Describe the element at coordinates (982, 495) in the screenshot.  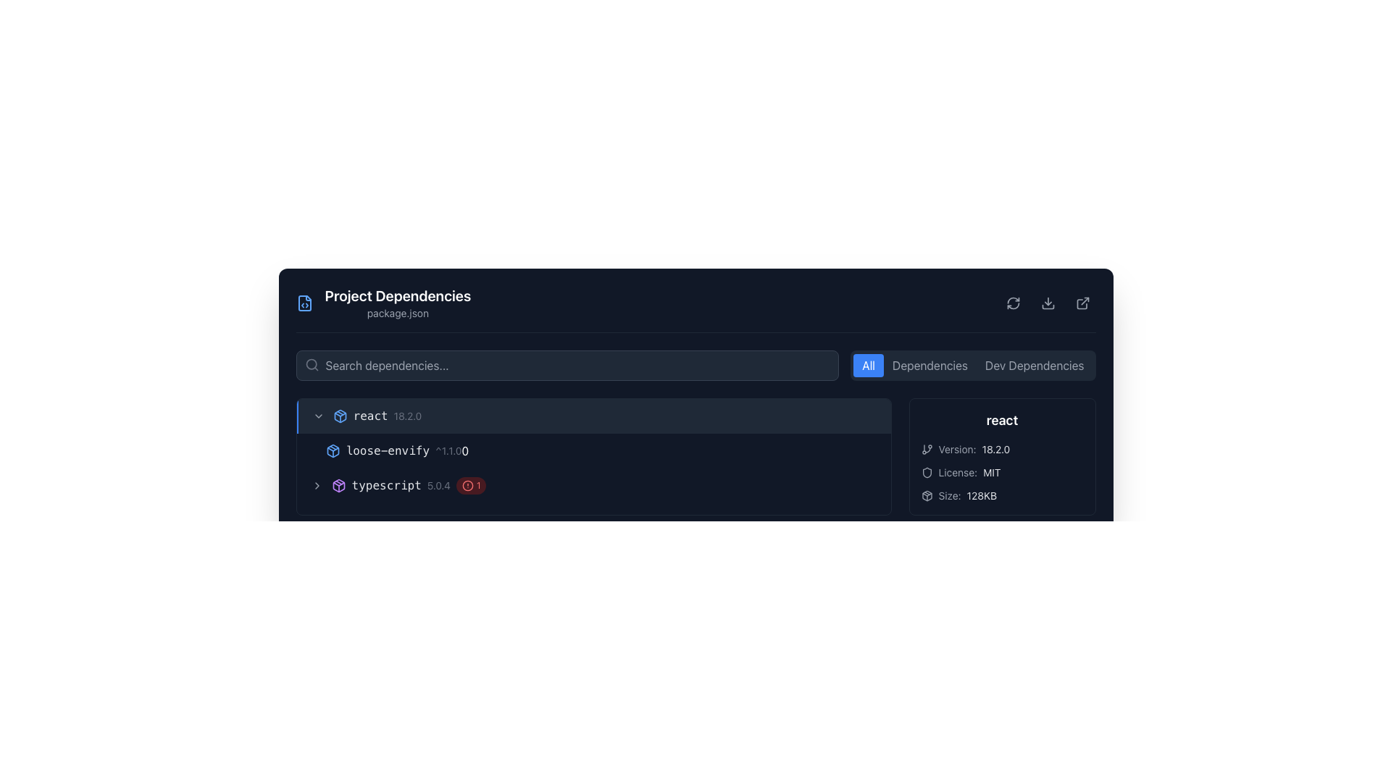
I see `the text label displaying '128KB', which is styled with a light gray font on a dark background and indicates a file size, located to the right of the 'Size:' label` at that location.